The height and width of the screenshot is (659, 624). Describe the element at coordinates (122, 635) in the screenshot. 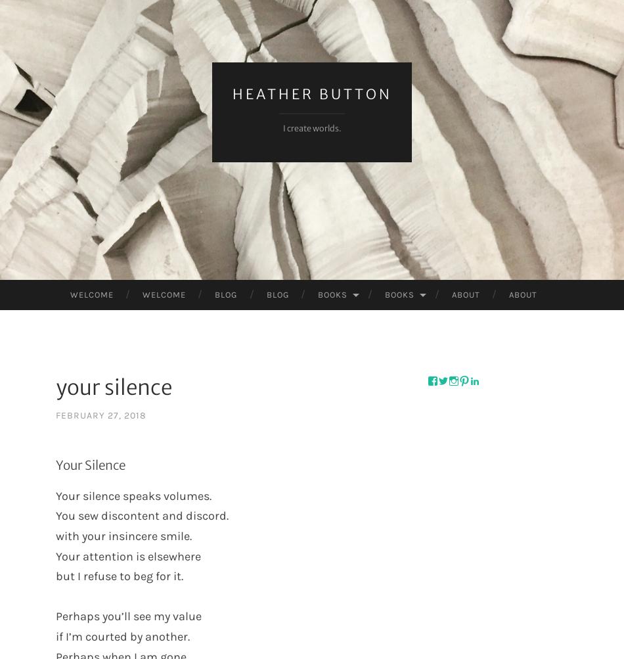

I see `'if I’m courted by another.'` at that location.